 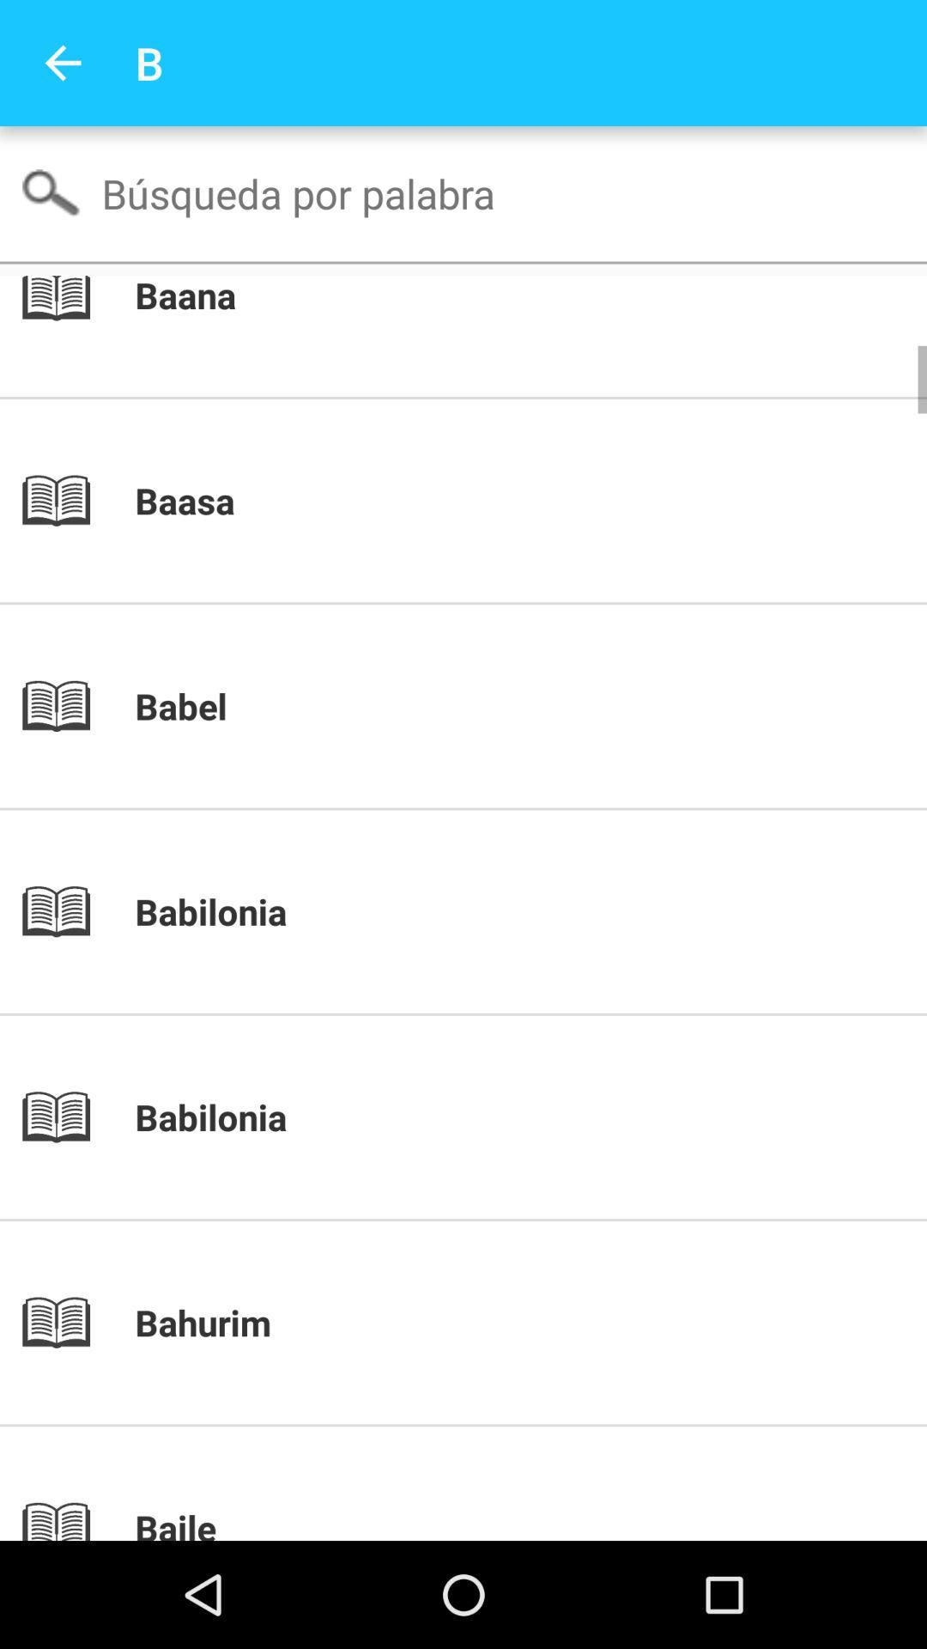 I want to click on baana, so click(x=493, y=297).